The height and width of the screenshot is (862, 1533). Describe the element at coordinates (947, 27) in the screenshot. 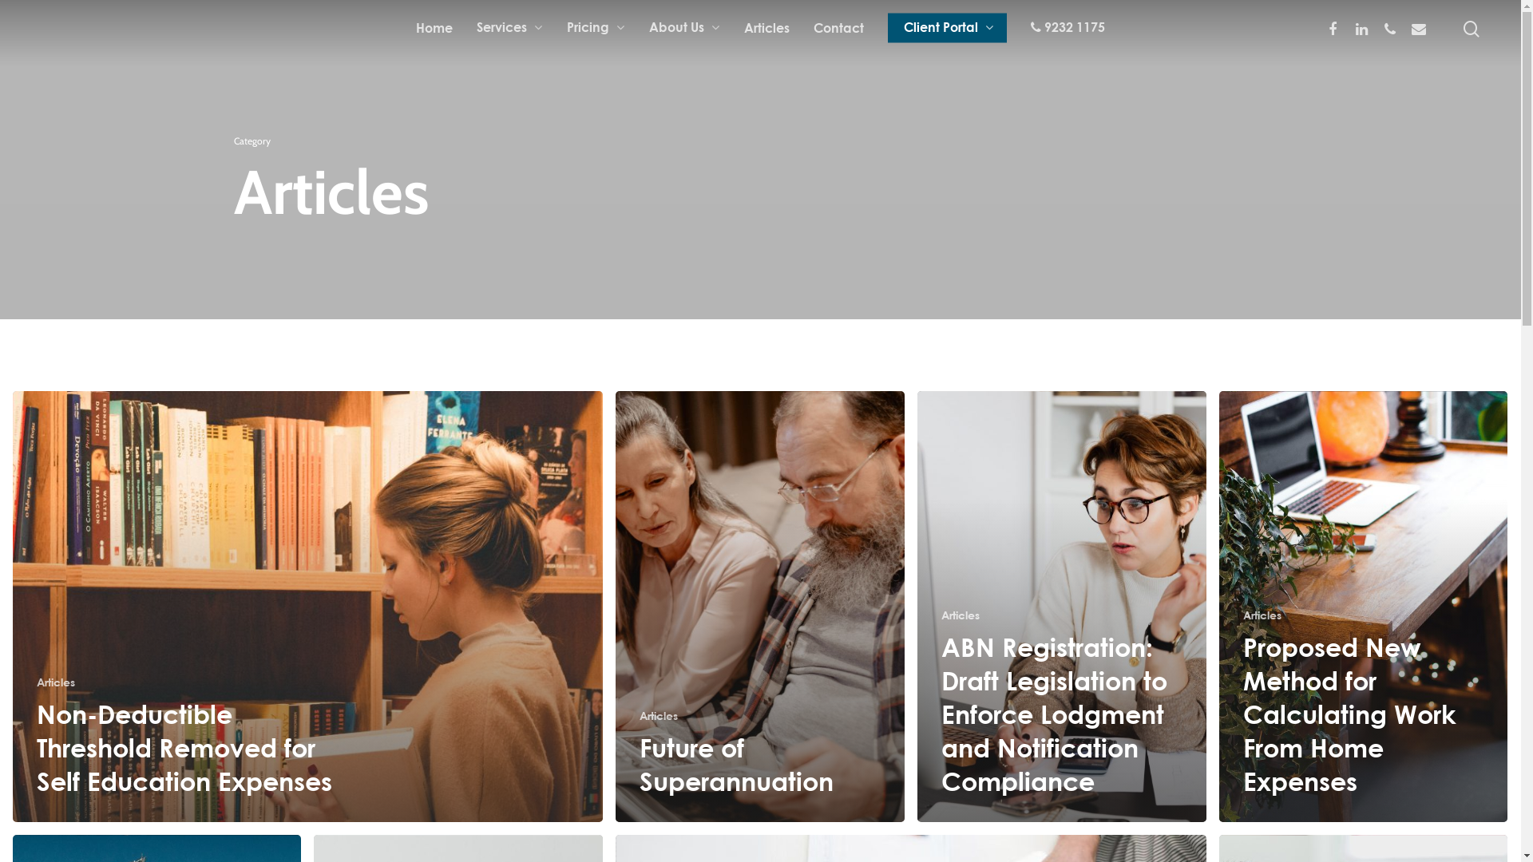

I see `'Client Portal'` at that location.